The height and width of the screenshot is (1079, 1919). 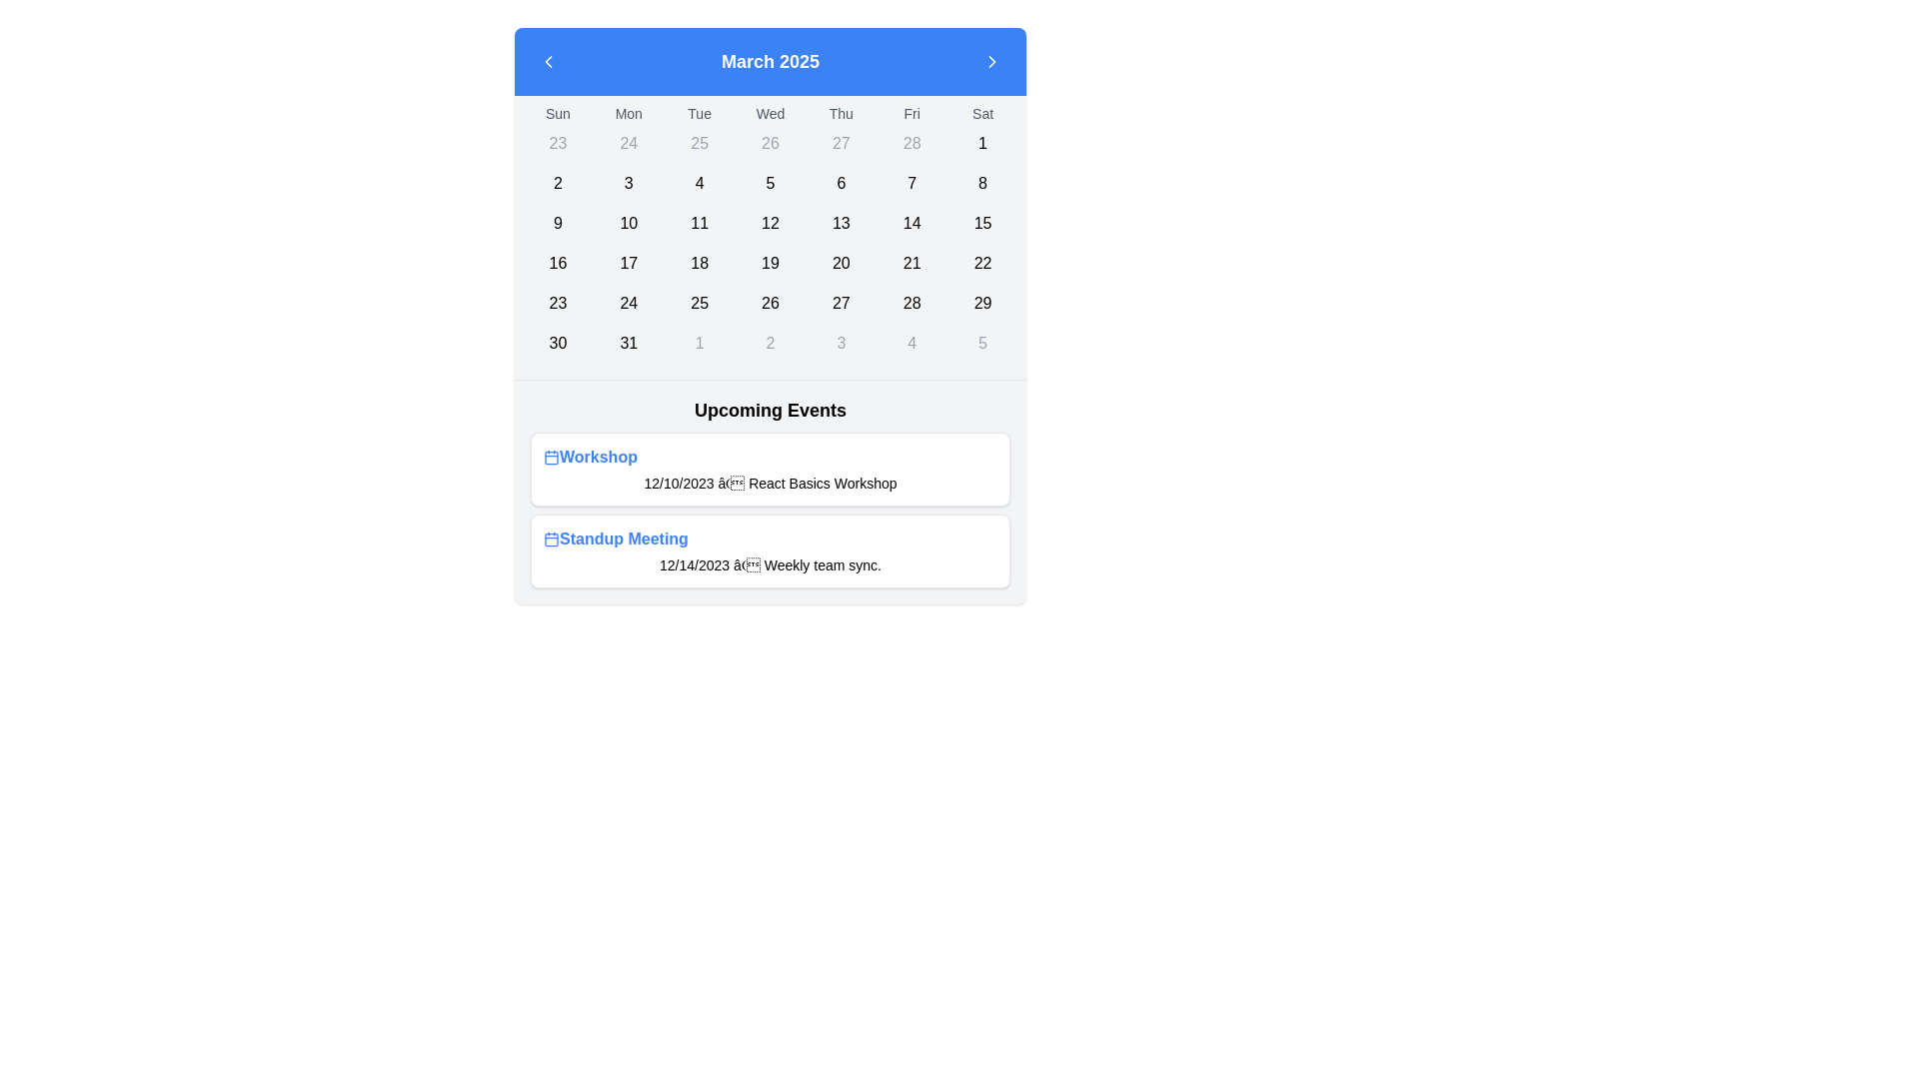 I want to click on the Calendar Date Cell displaying '29' in the March 2025 calendar grid, so click(x=982, y=304).